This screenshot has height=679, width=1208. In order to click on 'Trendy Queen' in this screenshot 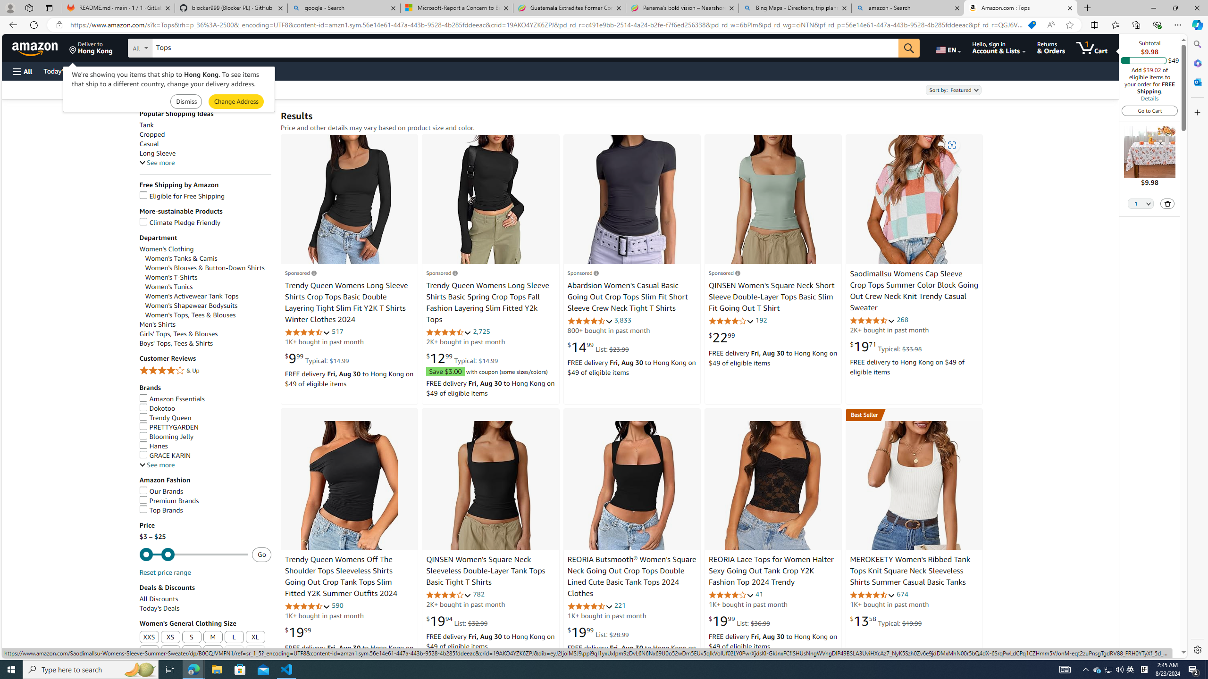, I will do `click(165, 417)`.